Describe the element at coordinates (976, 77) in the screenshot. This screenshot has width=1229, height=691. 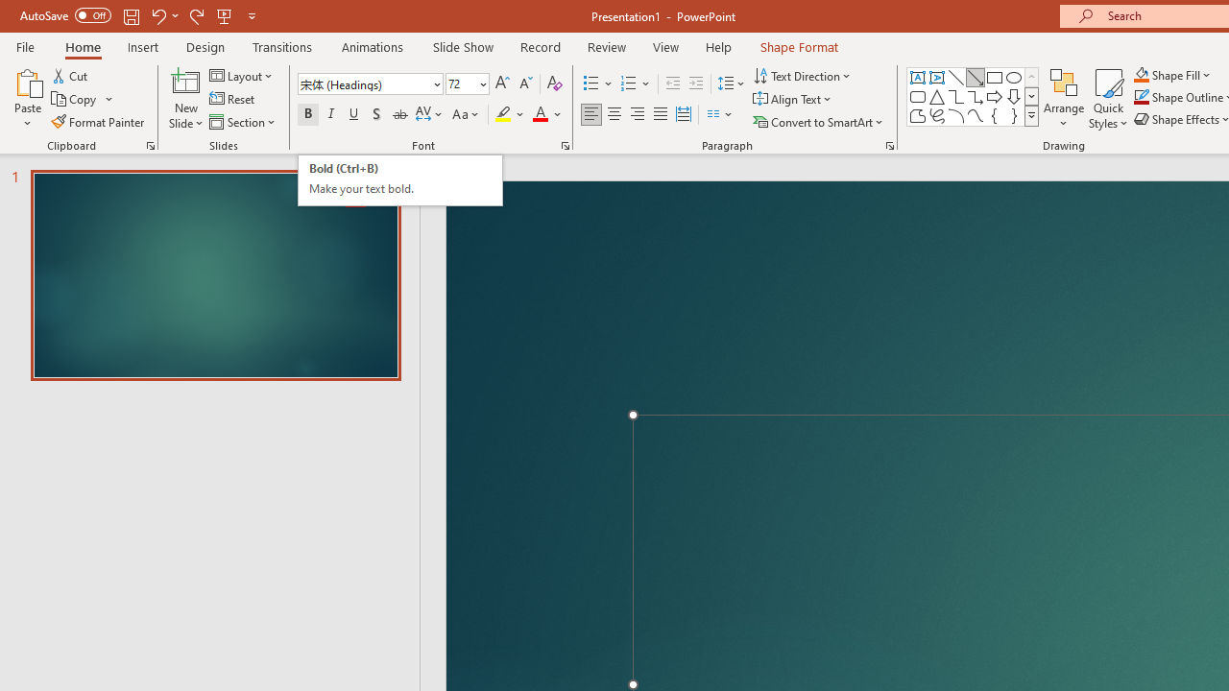
I see `'Line Arrow'` at that location.